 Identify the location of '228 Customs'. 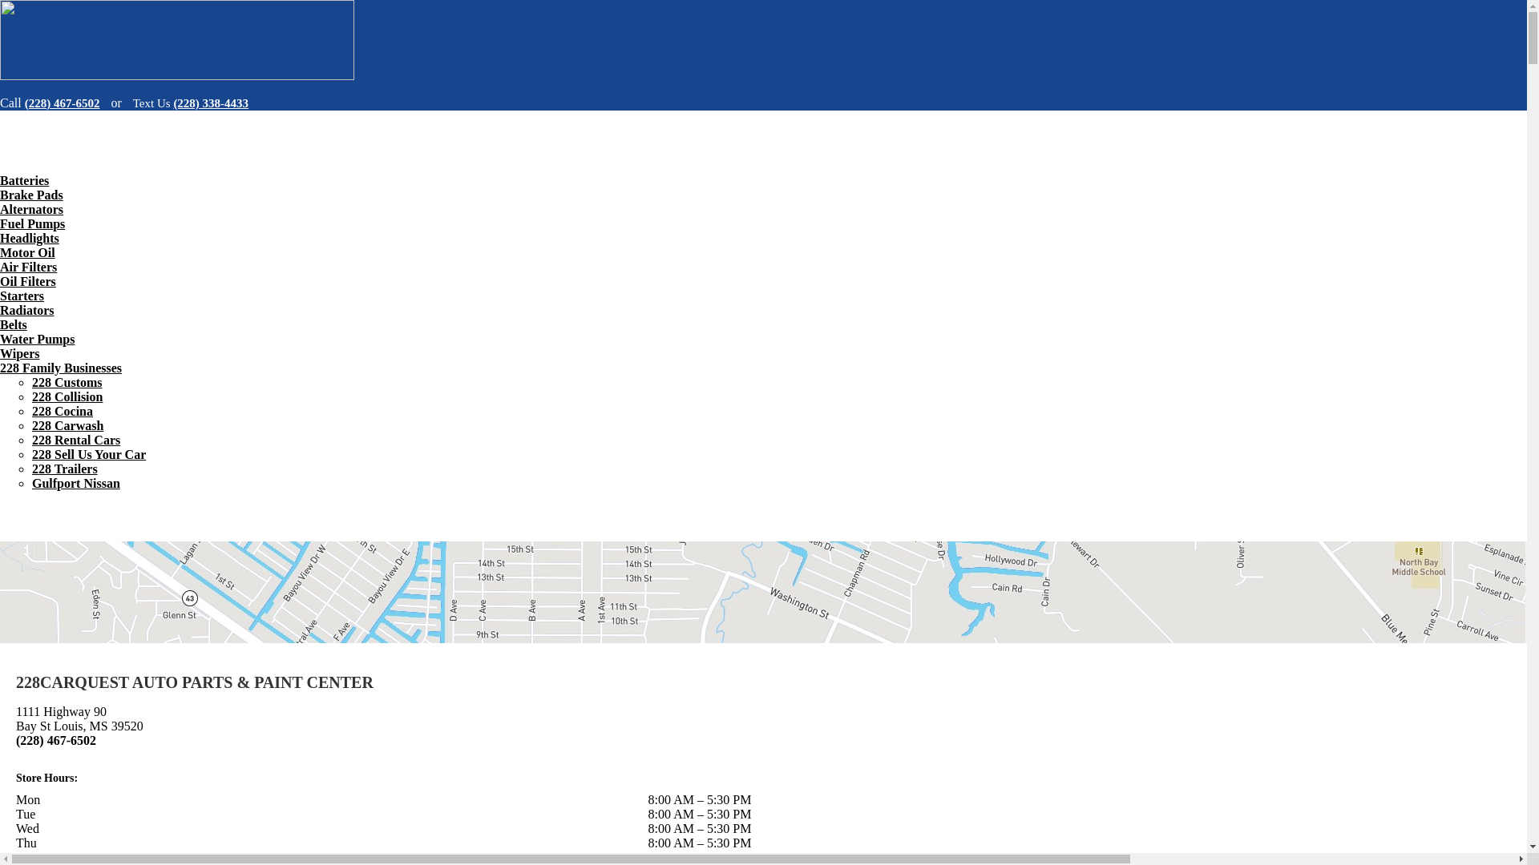
(66, 382).